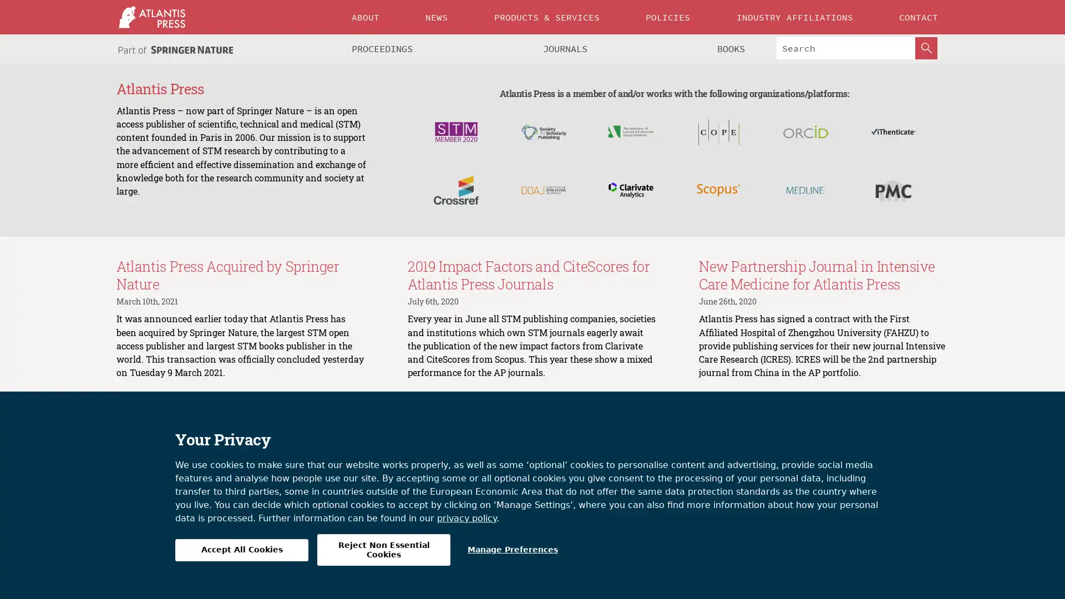  Describe the element at coordinates (926, 48) in the screenshot. I see `SearchButton` at that location.